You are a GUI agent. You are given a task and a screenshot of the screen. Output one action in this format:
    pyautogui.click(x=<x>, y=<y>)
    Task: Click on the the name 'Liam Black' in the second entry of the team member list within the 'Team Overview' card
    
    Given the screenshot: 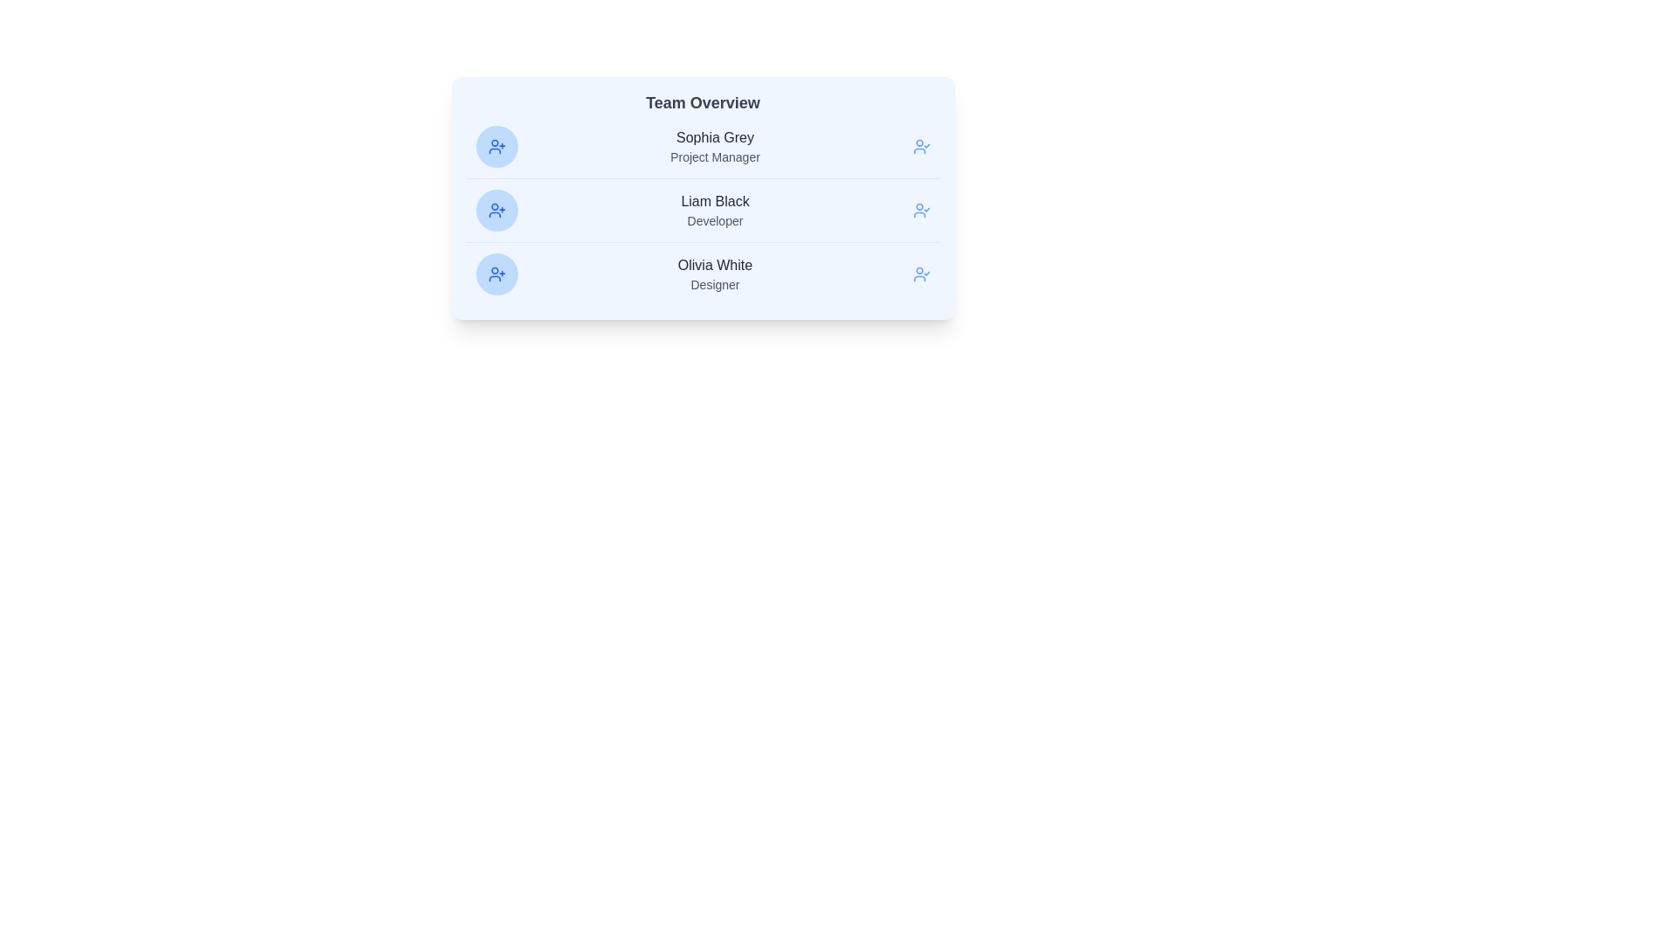 What is the action you would take?
    pyautogui.click(x=703, y=209)
    